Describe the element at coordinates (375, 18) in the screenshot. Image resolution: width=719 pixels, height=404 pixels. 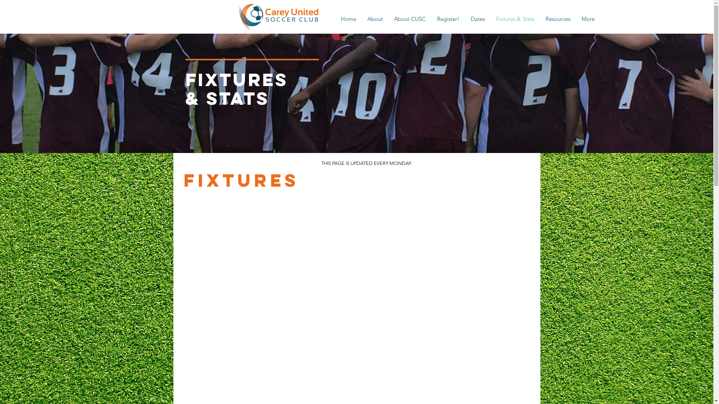
I see `'About'` at that location.